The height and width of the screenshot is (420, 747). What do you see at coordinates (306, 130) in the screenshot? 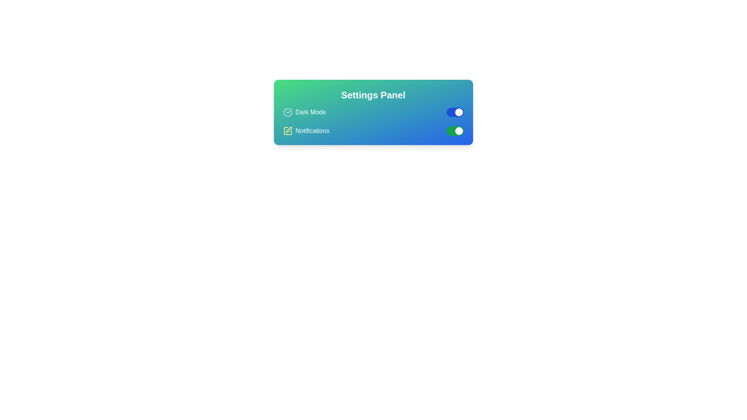
I see `the 'Notifications' label with a pen icon, which is positioned below the 'Dark Mode' toggle in the settings panel` at bounding box center [306, 130].